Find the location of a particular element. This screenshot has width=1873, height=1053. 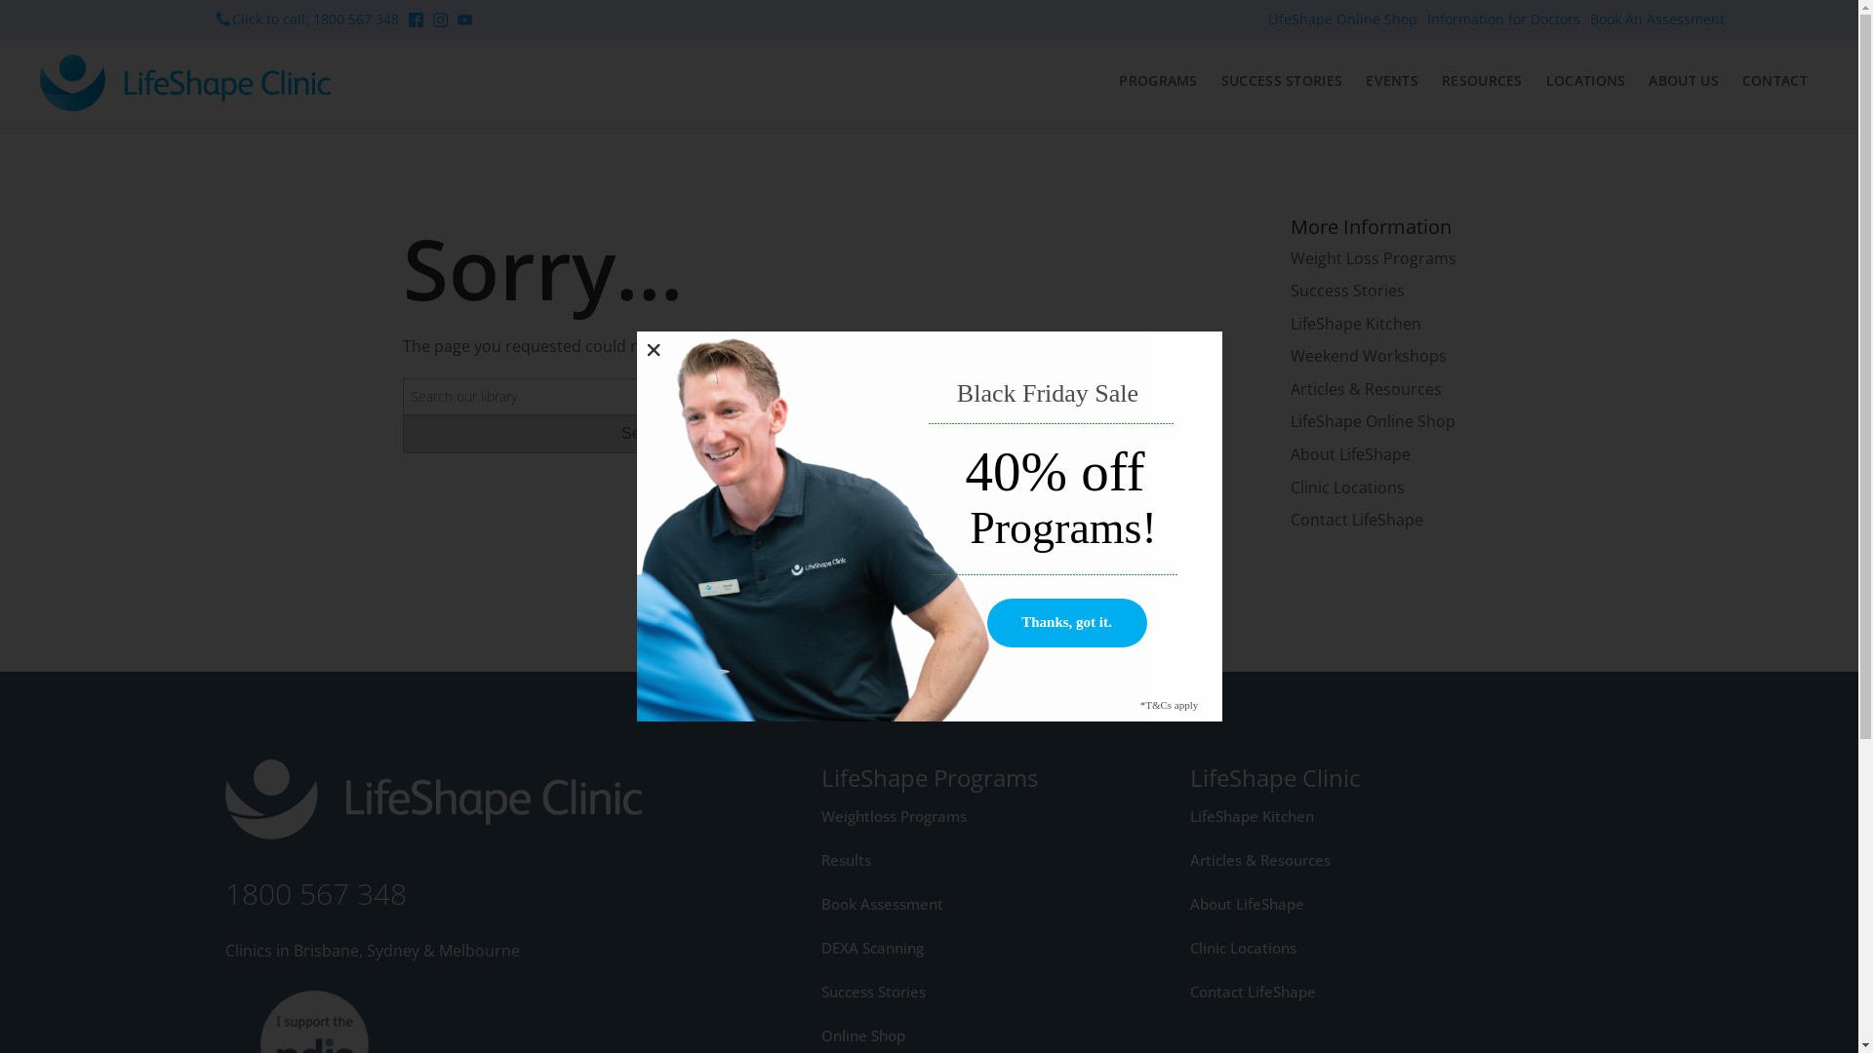

'Contact LifeShape' is located at coordinates (1289, 519).